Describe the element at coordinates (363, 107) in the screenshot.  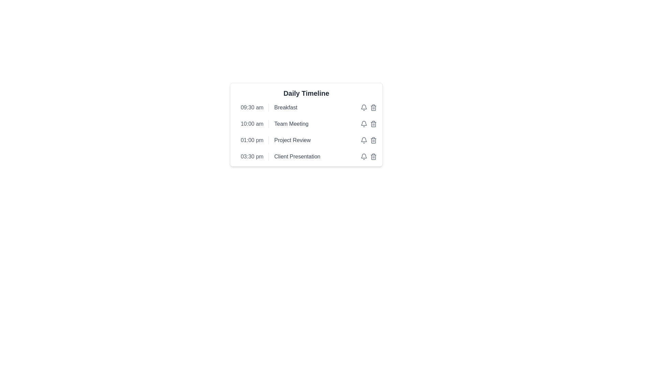
I see `the gray bell icon button located to the right of the 'Project Review' text label` at that location.